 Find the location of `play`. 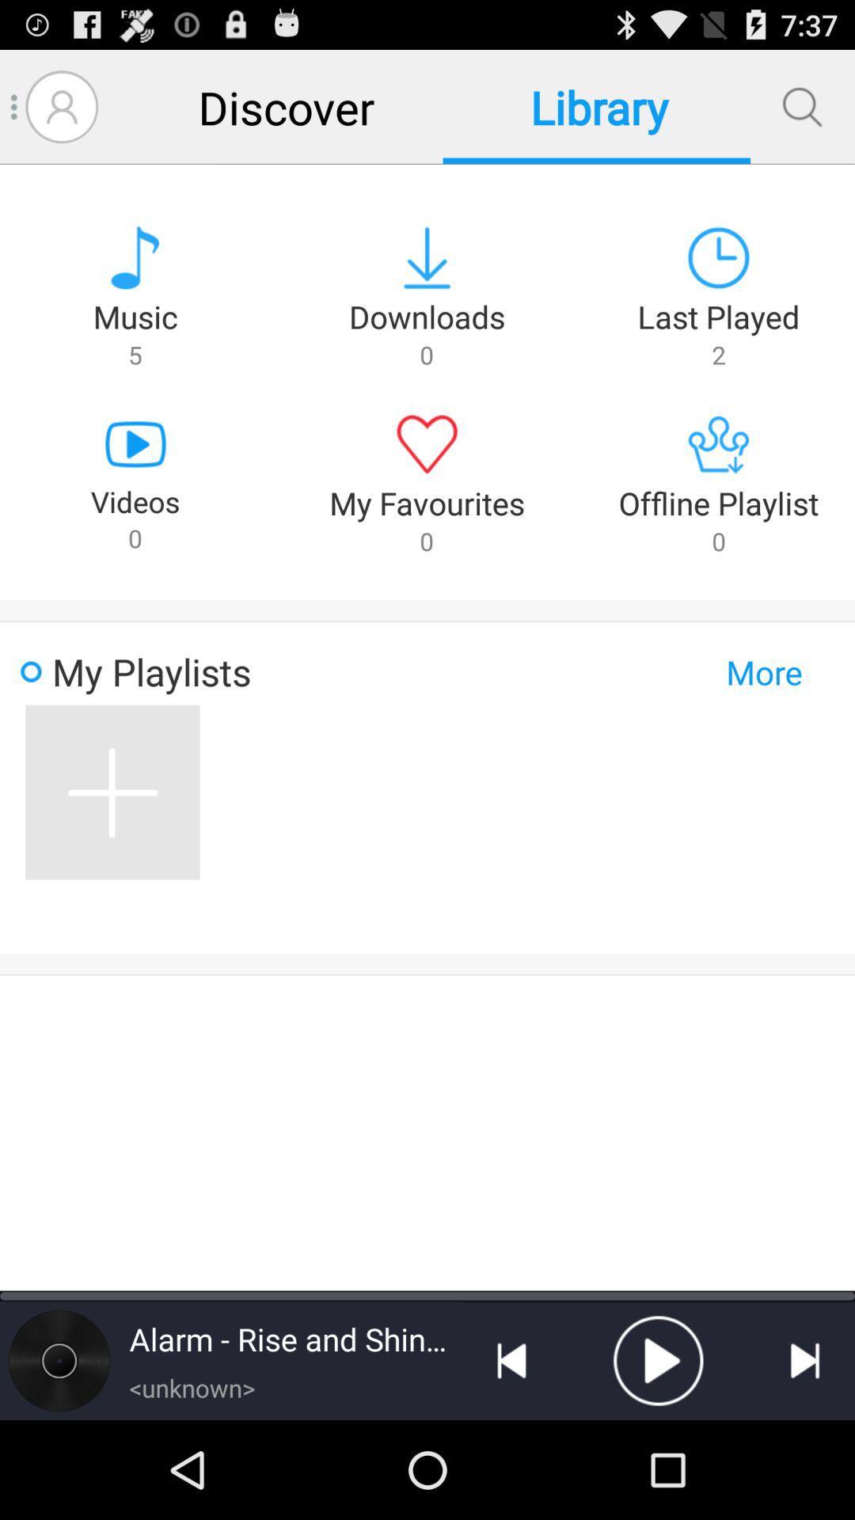

play is located at coordinates (658, 1359).